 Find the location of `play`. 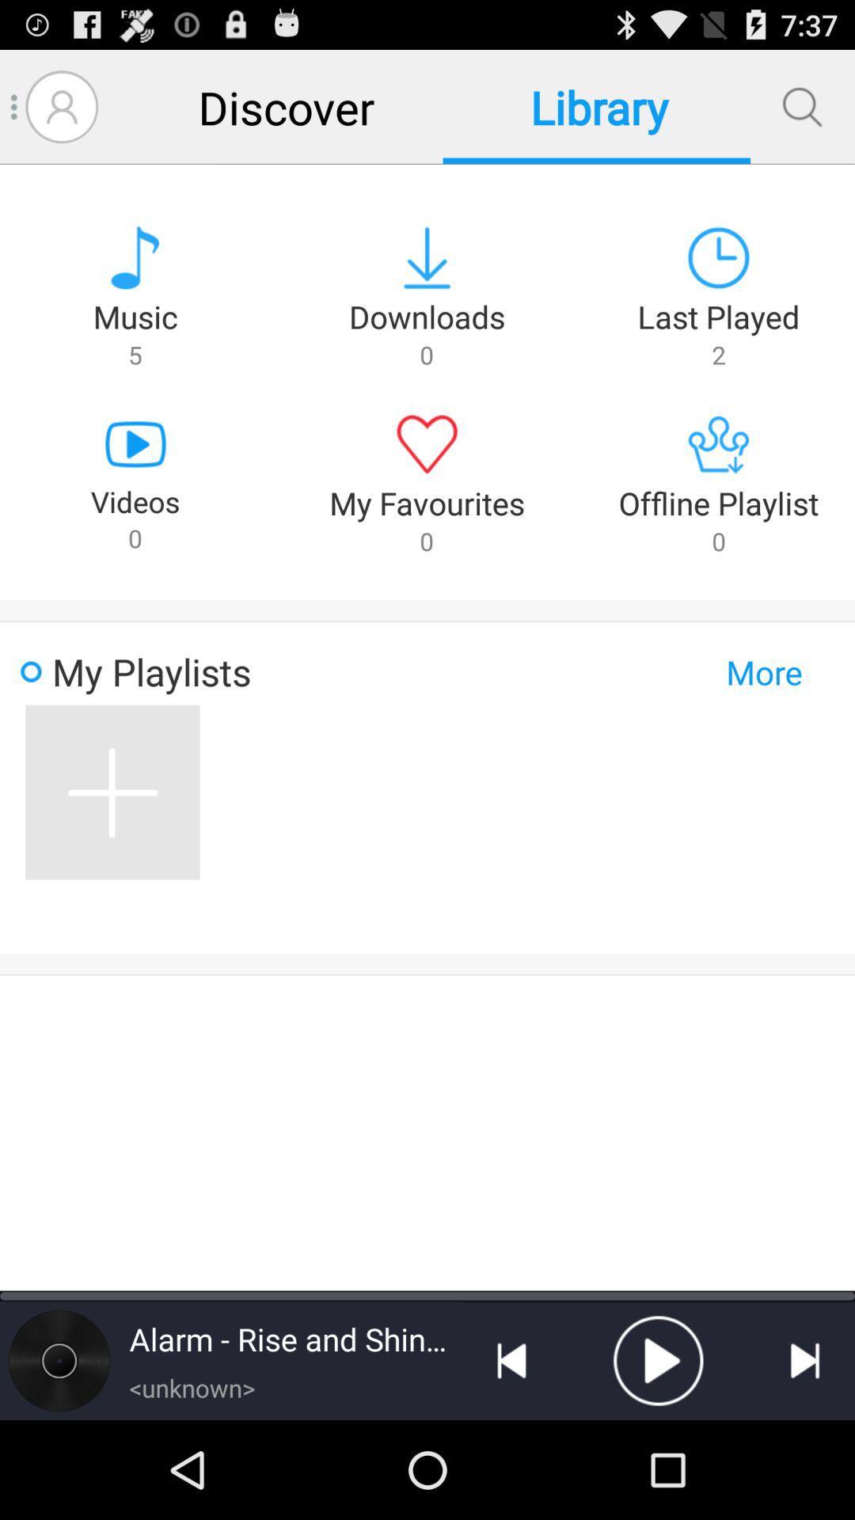

play is located at coordinates (658, 1359).